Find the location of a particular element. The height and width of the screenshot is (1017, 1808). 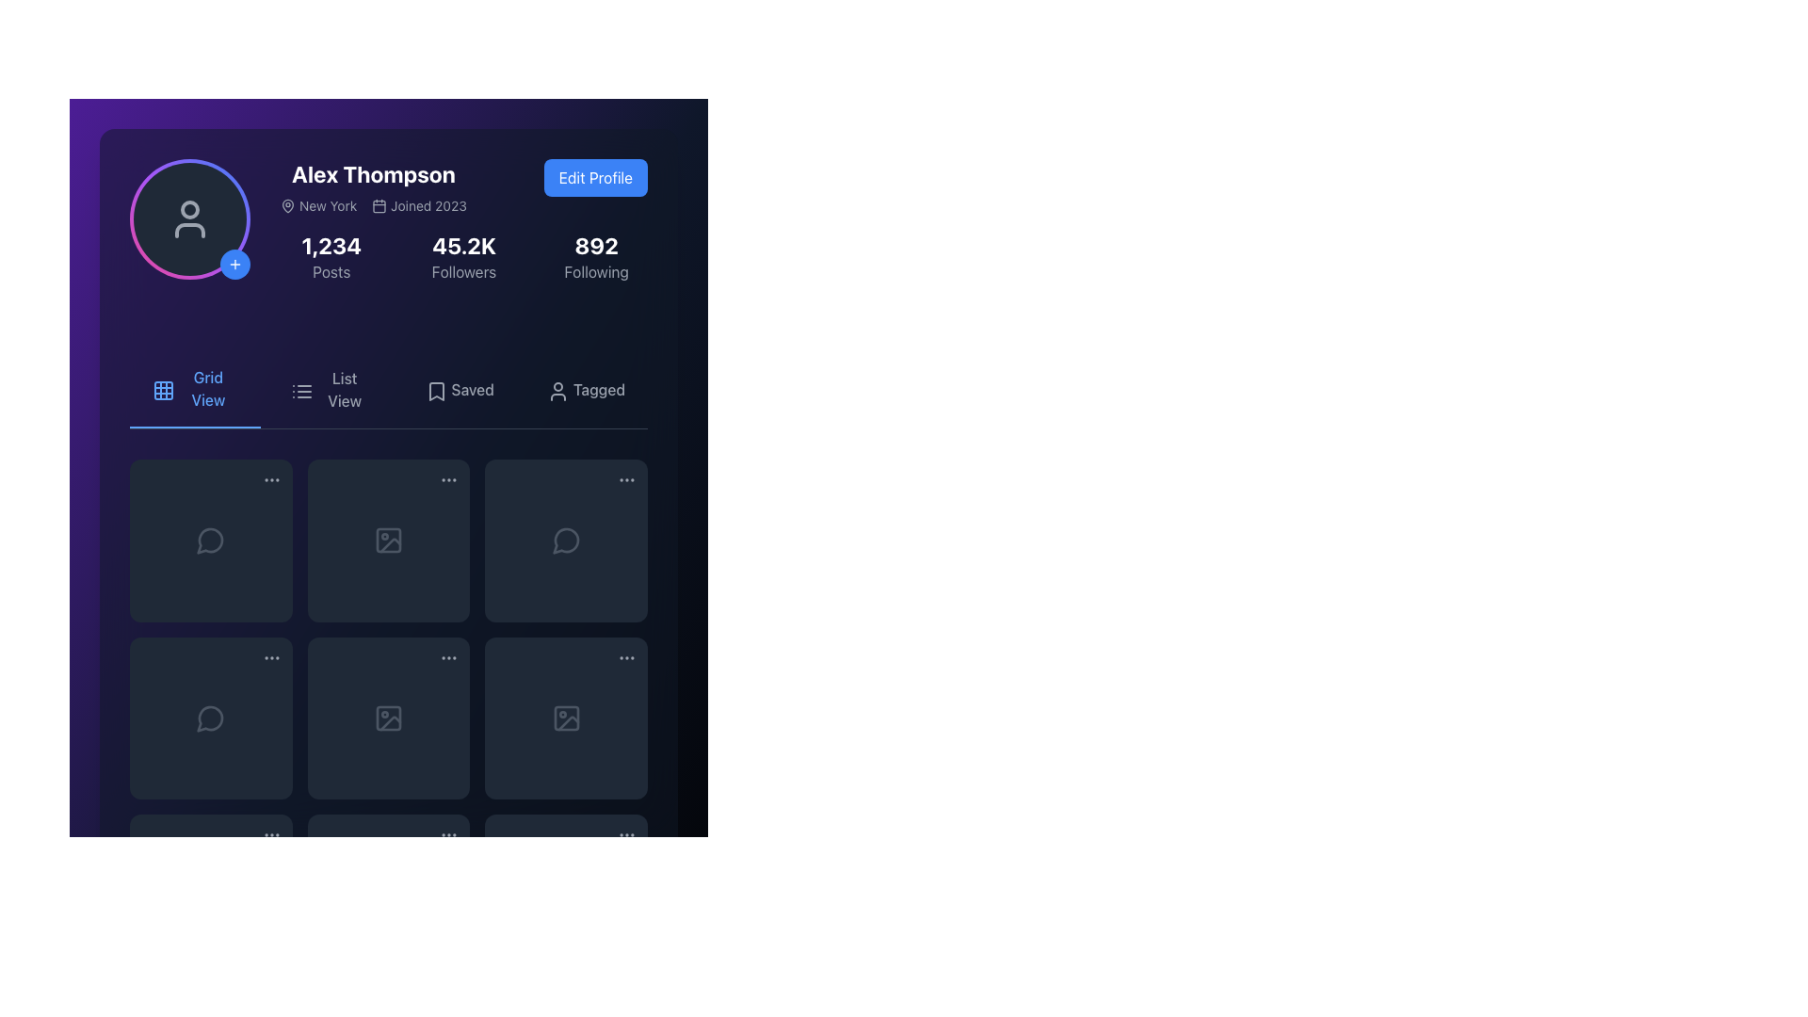

the menu trigger button located in the bottom-right cell of the grid layout is located at coordinates (627, 656).